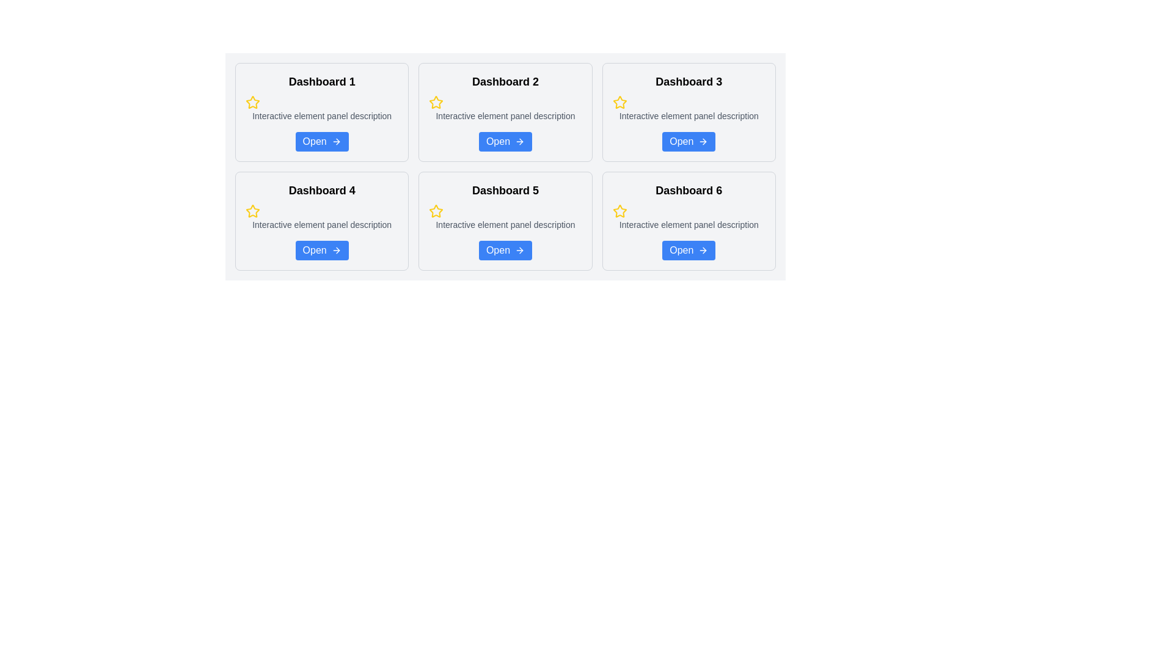 The image size is (1173, 660). What do you see at coordinates (689, 249) in the screenshot?
I see `the 'Open' button with a blue background and white text located at the bottom-right of the 'Dashboard 6' card` at bounding box center [689, 249].